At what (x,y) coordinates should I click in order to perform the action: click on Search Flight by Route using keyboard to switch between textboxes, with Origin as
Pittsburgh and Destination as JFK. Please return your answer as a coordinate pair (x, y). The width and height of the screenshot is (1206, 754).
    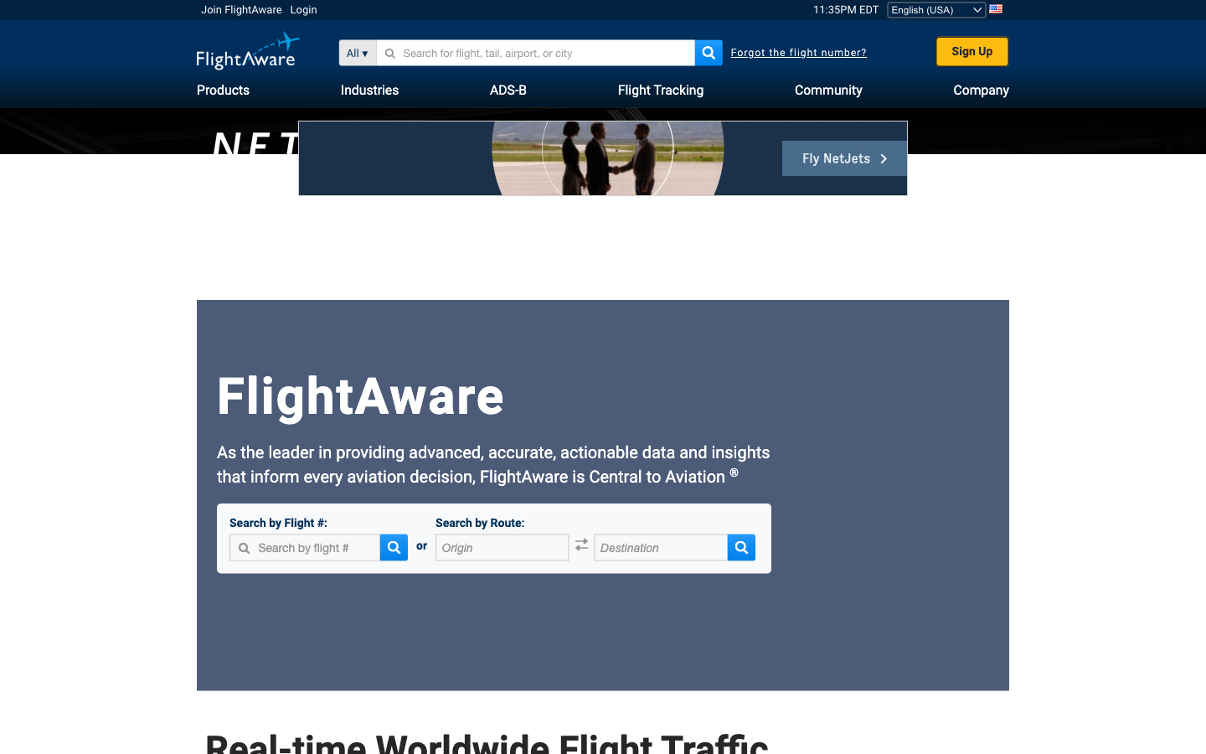
    Looking at the image, I should click on (502, 549).